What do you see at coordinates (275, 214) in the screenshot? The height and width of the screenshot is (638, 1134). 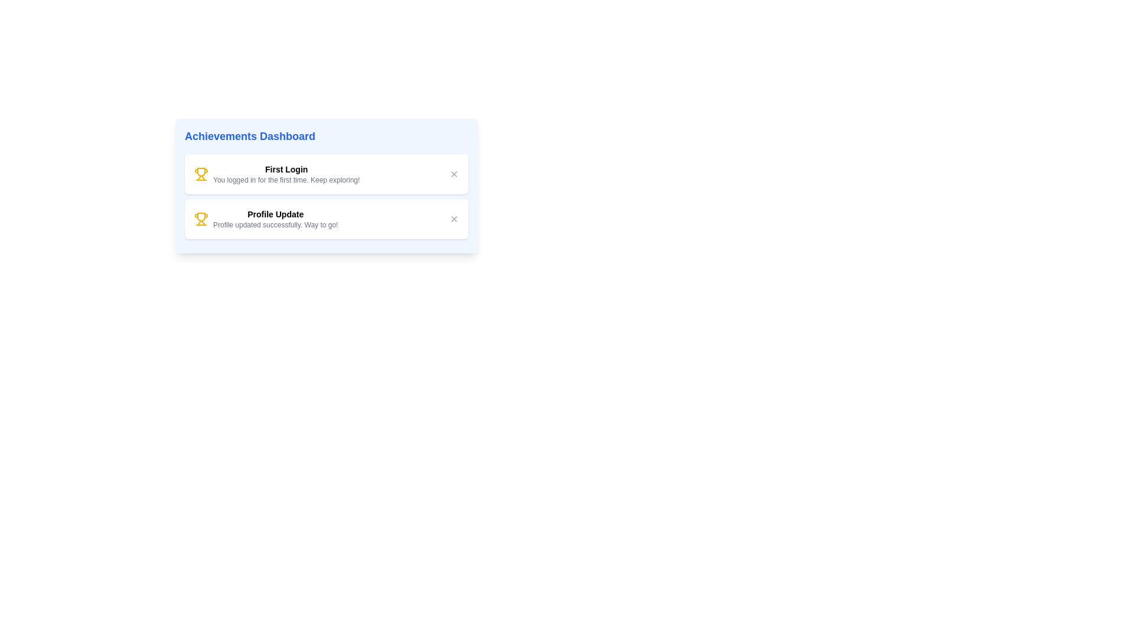 I see `text from the 'Profile Update' label, which is a bold text label located in the second achievement block of the 'Achievements Dashboard', positioned above the 'Profile updated successfully. Way to go!' text` at bounding box center [275, 214].